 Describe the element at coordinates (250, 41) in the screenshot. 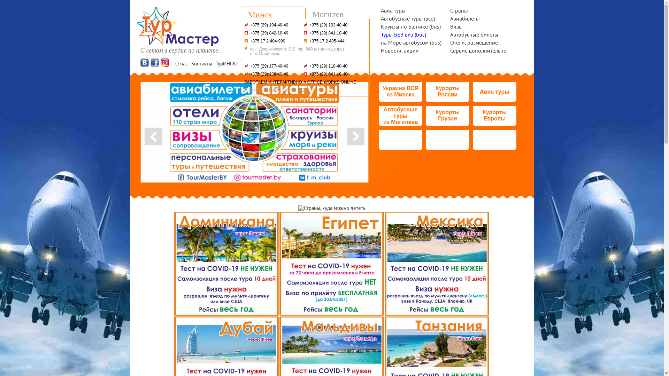

I see `'+375 17 2 404-999'` at that location.